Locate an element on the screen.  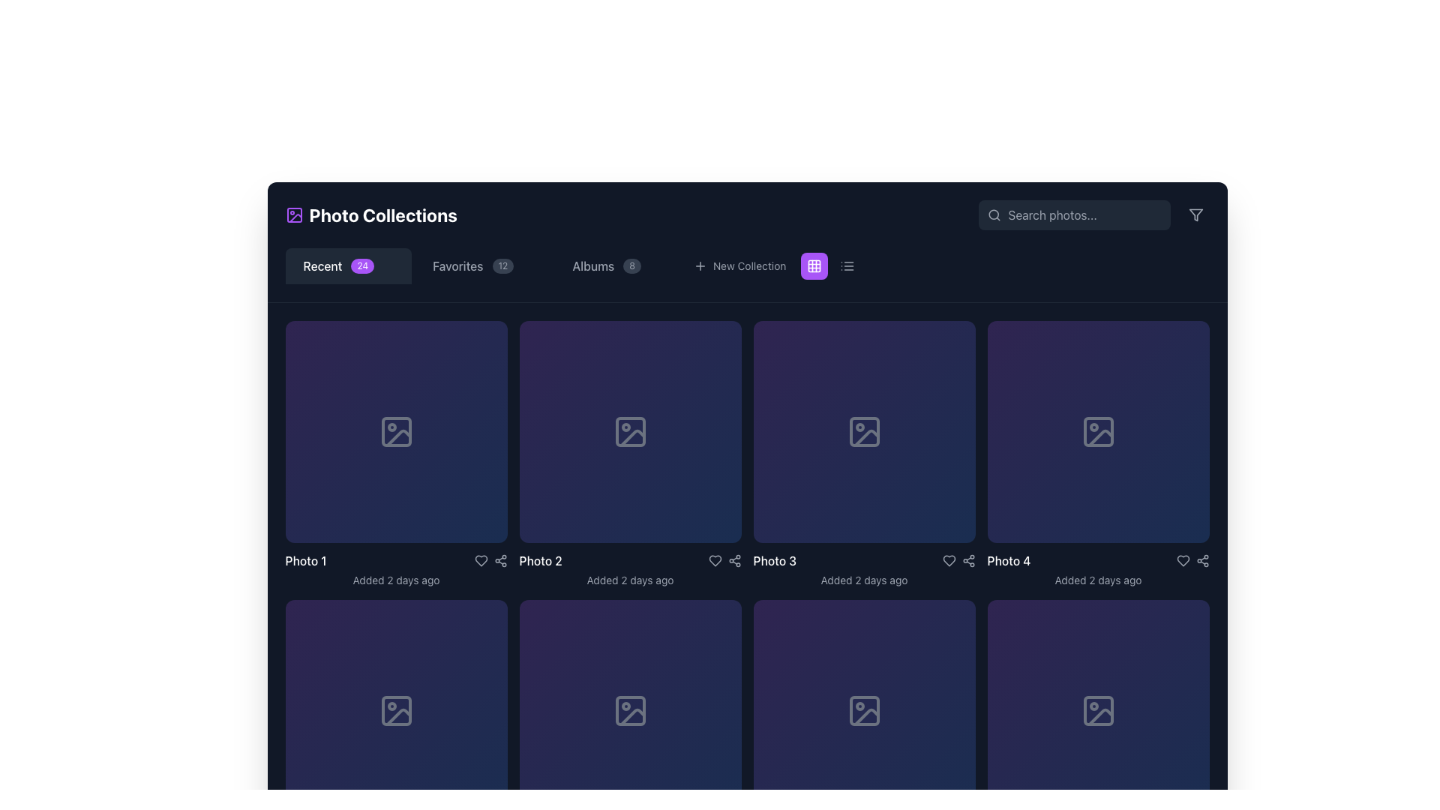
the Image placeholder icon located in the fourth position of the grid of photo placeholders below the 'Photo Collections' title is located at coordinates (1098, 431).